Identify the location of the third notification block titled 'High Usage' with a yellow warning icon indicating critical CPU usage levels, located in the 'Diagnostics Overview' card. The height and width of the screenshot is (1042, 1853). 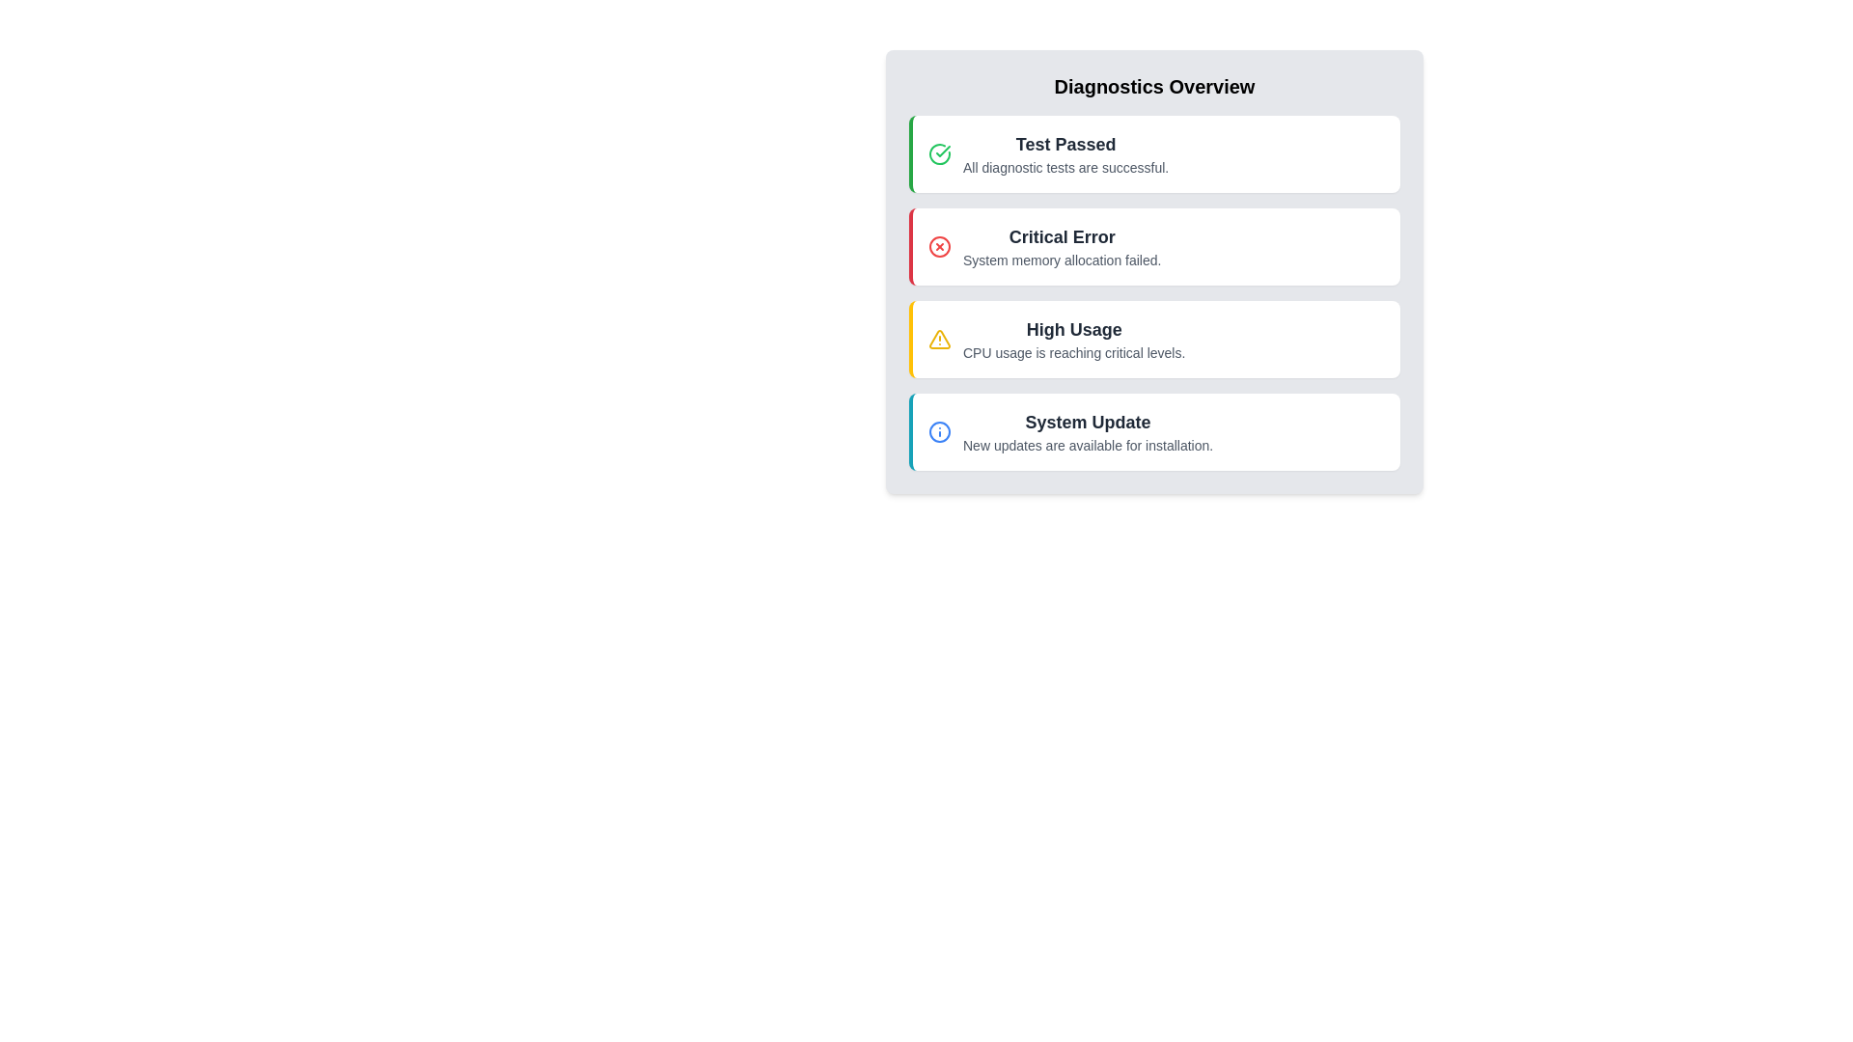
(1156, 338).